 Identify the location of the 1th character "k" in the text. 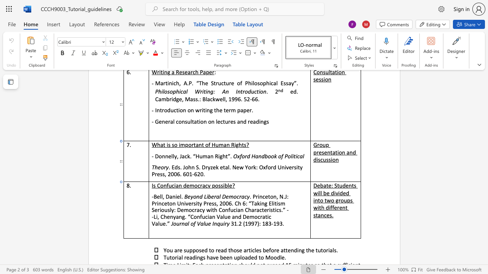
(217, 167).